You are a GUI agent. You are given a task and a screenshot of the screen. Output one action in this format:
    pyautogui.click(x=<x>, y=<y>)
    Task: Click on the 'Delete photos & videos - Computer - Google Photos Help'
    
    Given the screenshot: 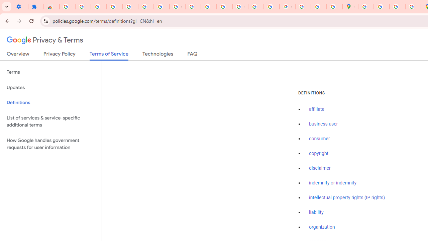 What is the action you would take?
    pyautogui.click(x=98, y=7)
    